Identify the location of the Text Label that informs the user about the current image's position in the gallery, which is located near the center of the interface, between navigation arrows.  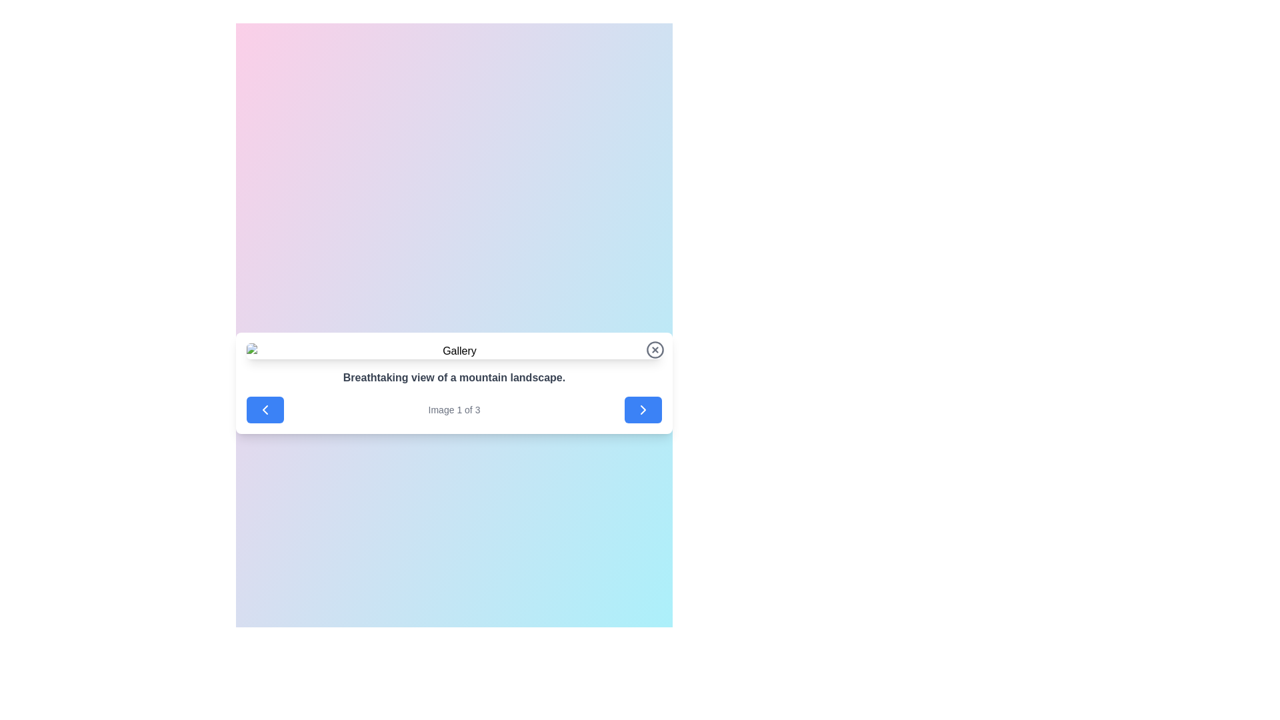
(454, 409).